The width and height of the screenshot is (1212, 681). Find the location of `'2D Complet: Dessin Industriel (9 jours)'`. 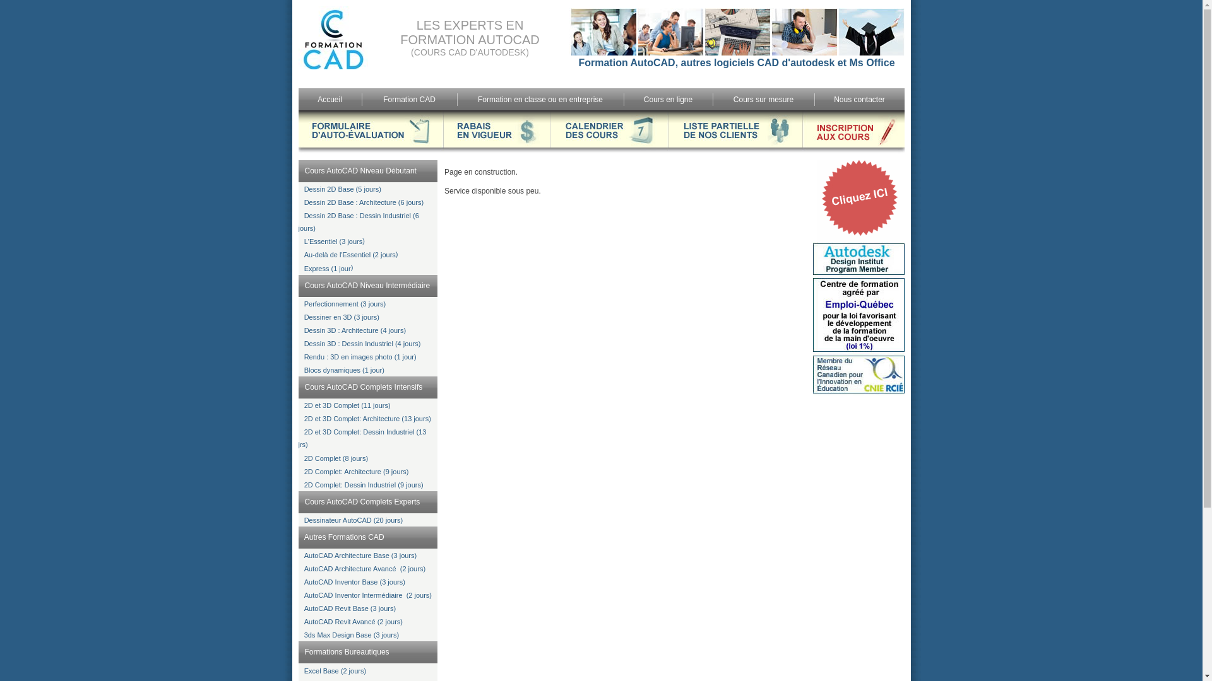

'2D Complet: Dessin Industriel (9 jours)' is located at coordinates (363, 484).